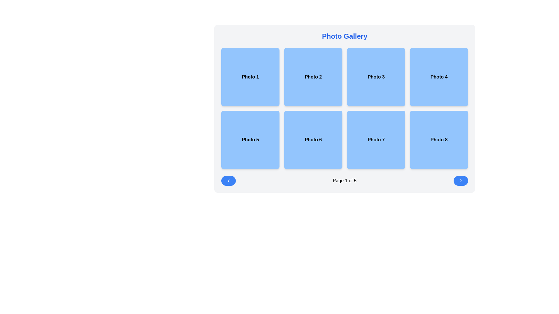 This screenshot has height=314, width=559. What do you see at coordinates (345, 180) in the screenshot?
I see `the static text element indicating the current page and total pages, located in the middle of a horizontal navigation bar below the grid layout` at bounding box center [345, 180].